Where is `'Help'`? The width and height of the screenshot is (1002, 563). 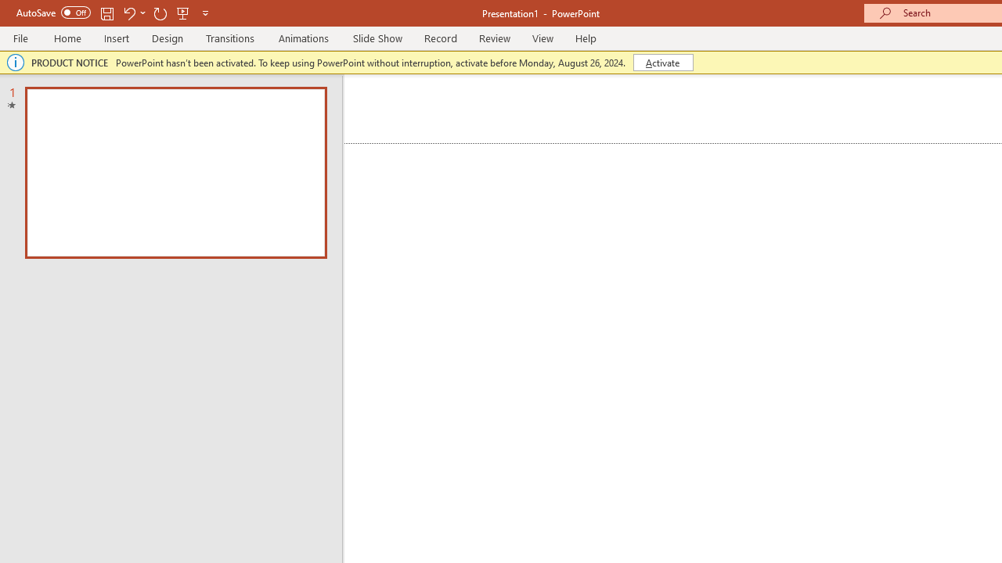
'Help' is located at coordinates (585, 38).